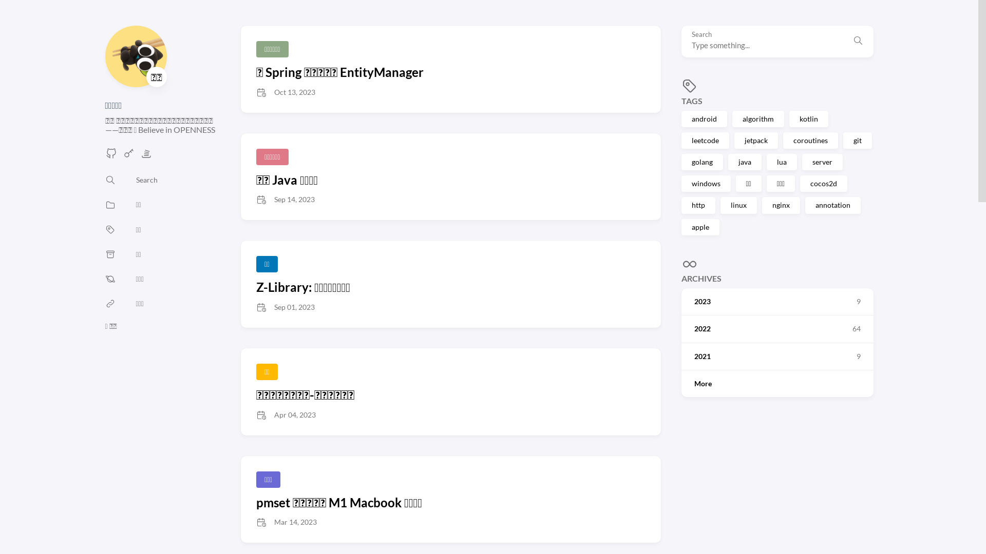  Describe the element at coordinates (680, 183) in the screenshot. I see `'windows'` at that location.